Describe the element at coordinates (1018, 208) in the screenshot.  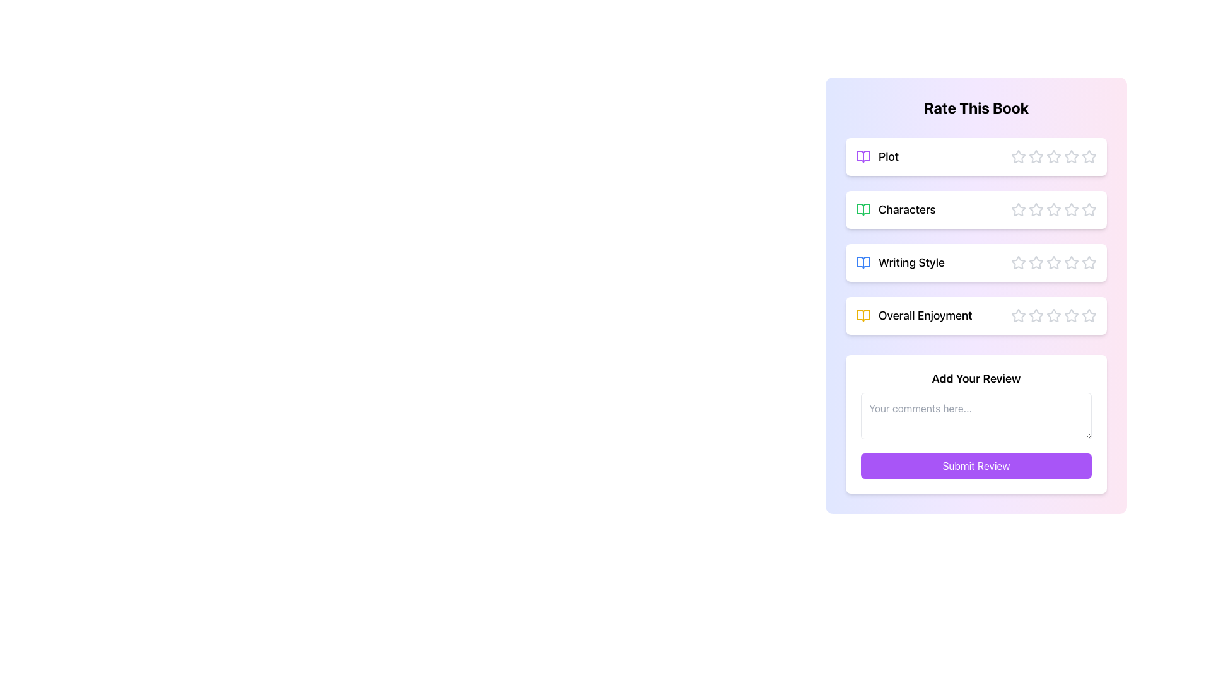
I see `the first star icon in the 'Characters' rating row` at that location.